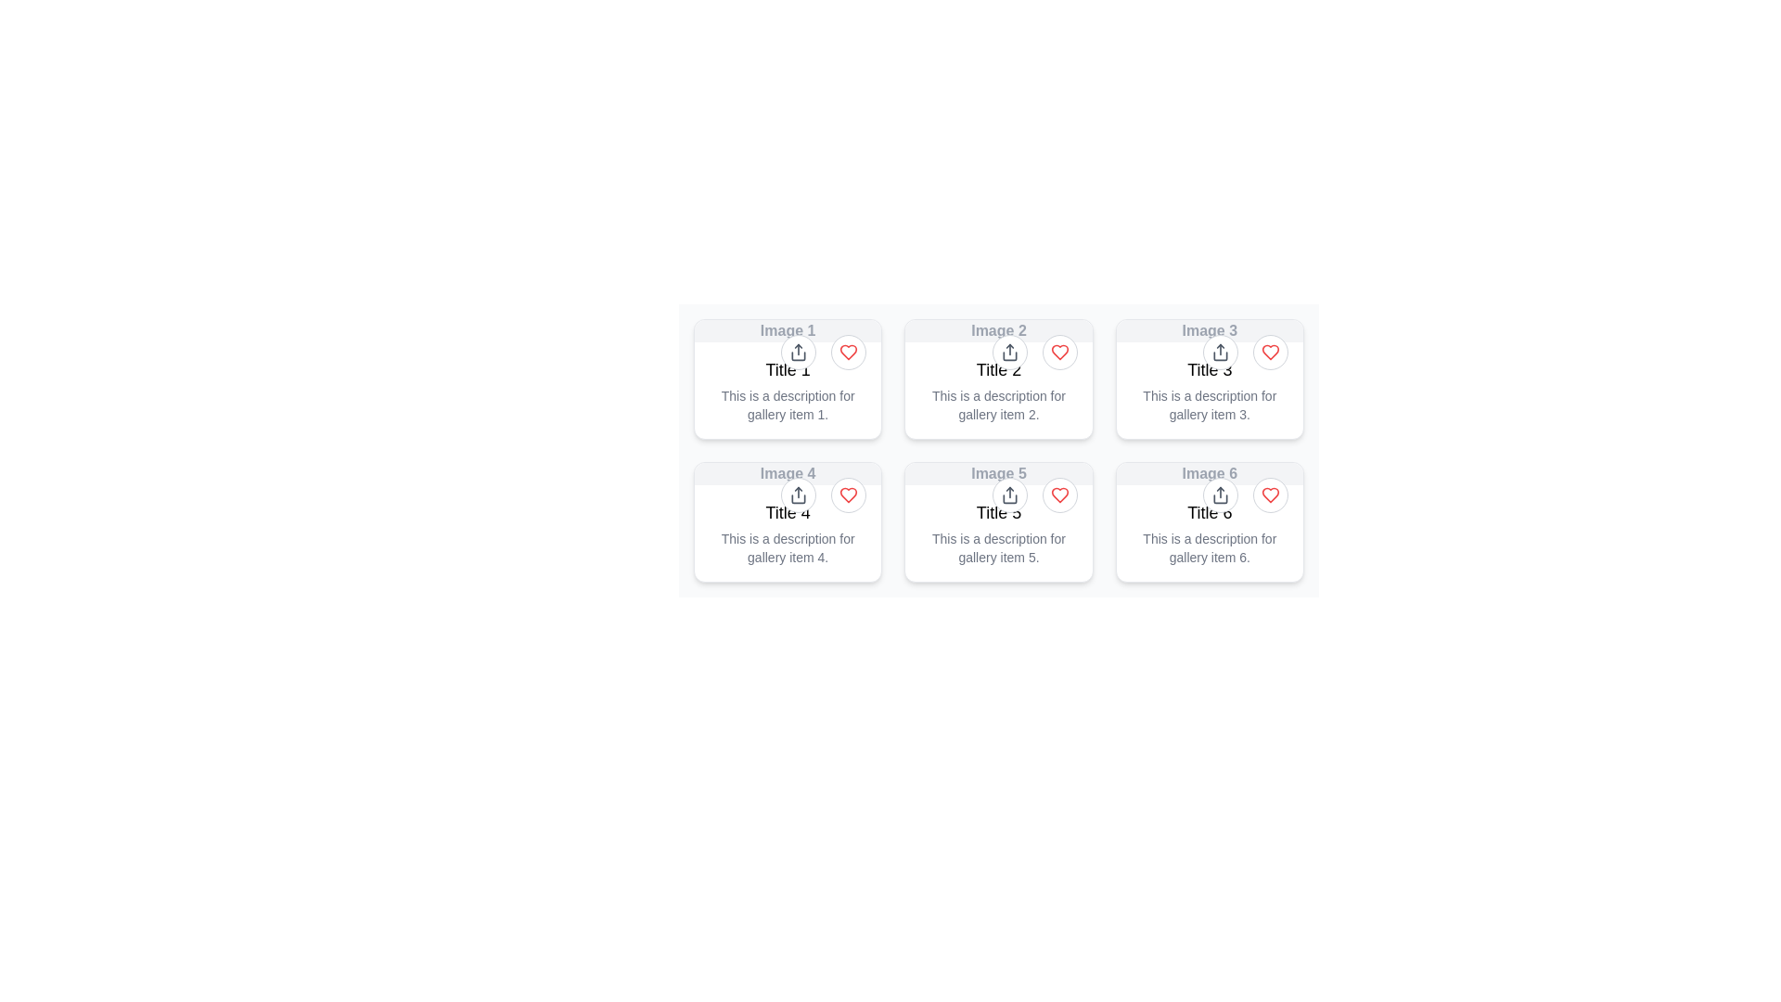 The image size is (1781, 1002). What do you see at coordinates (788, 369) in the screenshot?
I see `the Text label that serves as the title for the associated card, located in the top left card of a 2-row, 3-column grid layout, positioned below 'Image 1' and above a descriptive text block` at bounding box center [788, 369].